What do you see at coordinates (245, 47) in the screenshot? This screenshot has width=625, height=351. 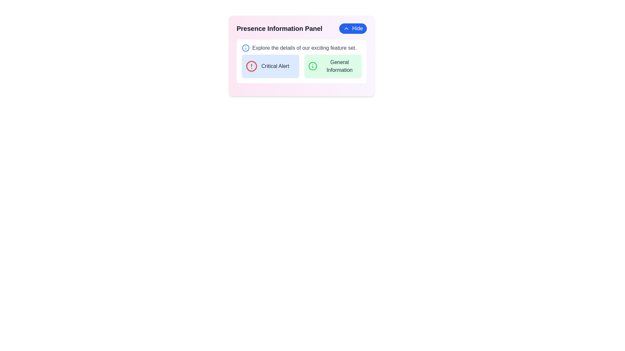 I see `the circular blue outlined information icon located in the header area of the 'Presence Information Panel', which is positioned centrally in front of the text 'Explore the details of our exciting feature set.'` at bounding box center [245, 47].